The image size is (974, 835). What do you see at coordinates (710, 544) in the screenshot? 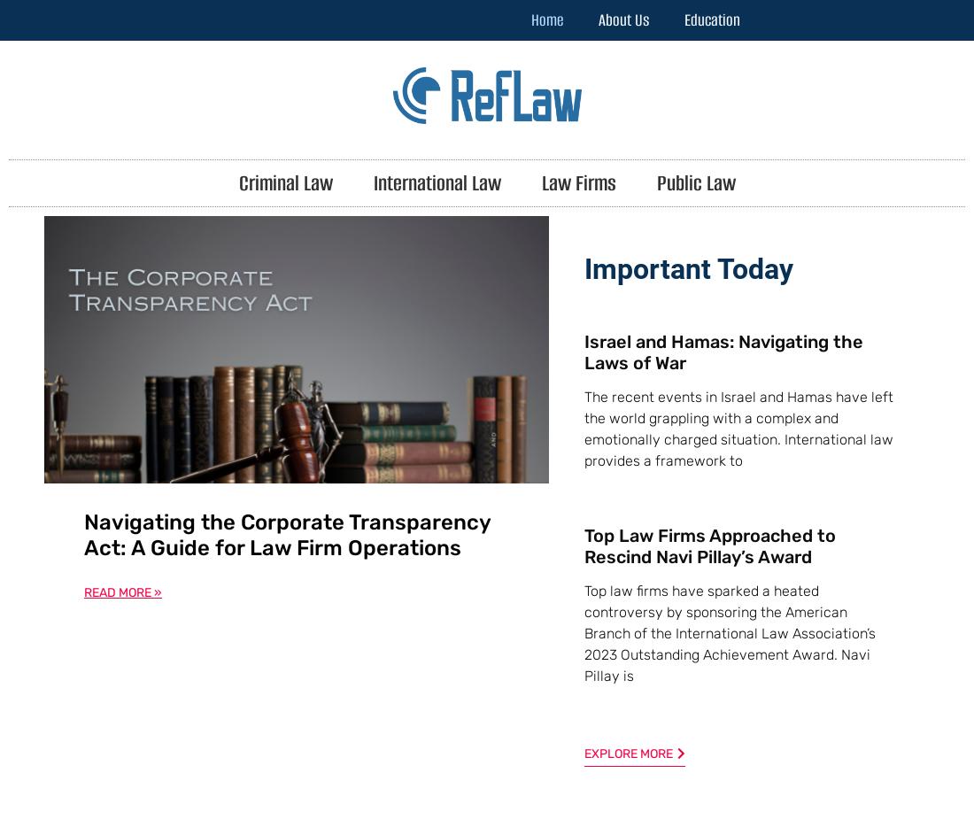
I see `'Top Law Firms Approached to Rescind Navi Pillay’s Award'` at bounding box center [710, 544].